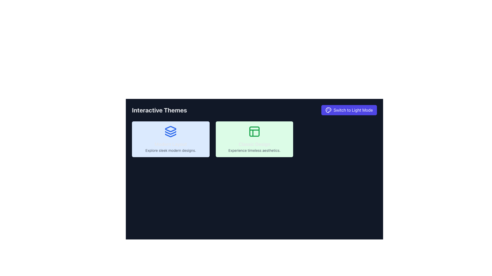 This screenshot has height=276, width=492. What do you see at coordinates (171, 129) in the screenshot?
I see `the topmost layer icon, a vibrant blue diamond shape, within the 'Modern Layout' card located below the 'Interactive Themes' header` at bounding box center [171, 129].